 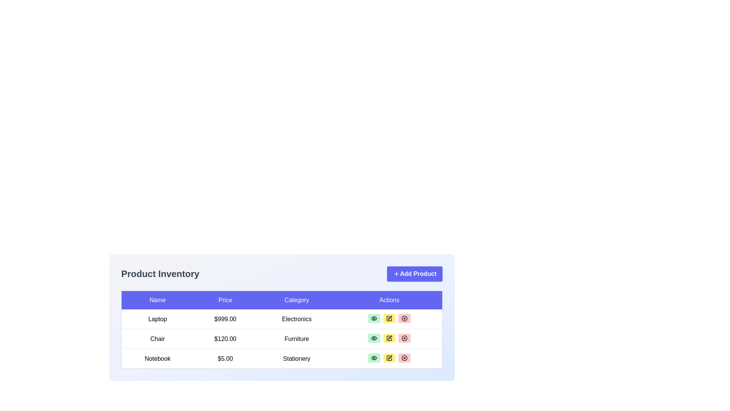 What do you see at coordinates (296, 338) in the screenshot?
I see `the text label displaying 'Furniture' under the 'Category' column in the table layout` at bounding box center [296, 338].